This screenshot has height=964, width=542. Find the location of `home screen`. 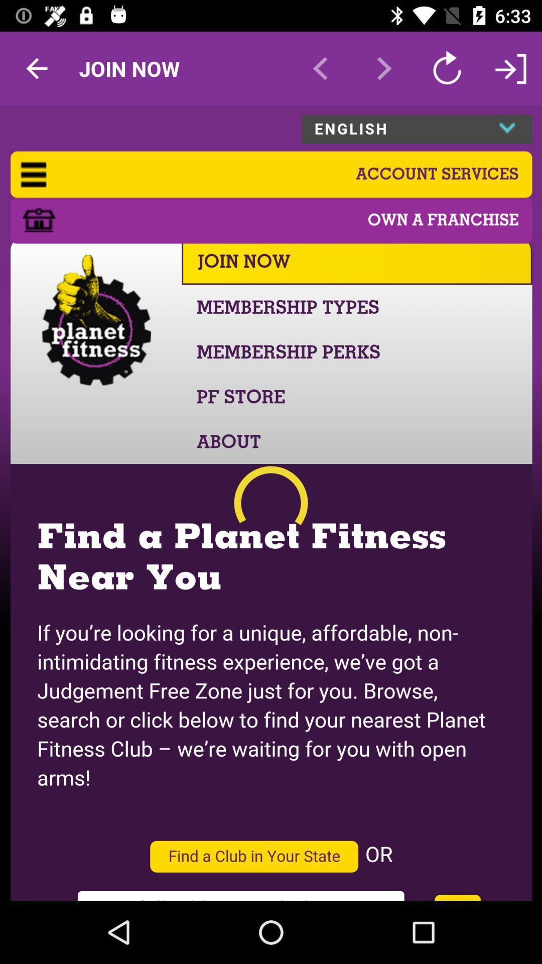

home screen is located at coordinates (271, 503).